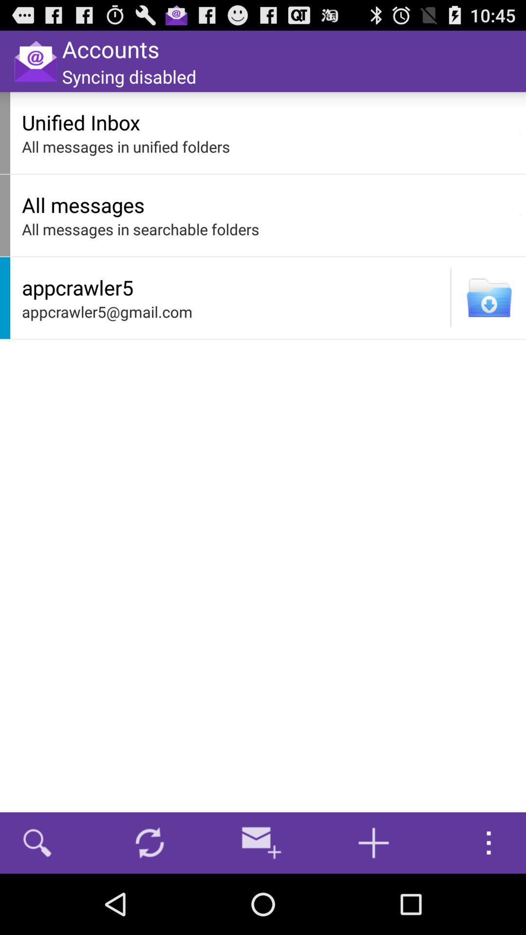 This screenshot has height=935, width=526. What do you see at coordinates (451, 297) in the screenshot?
I see `item to the right of appcrawler5 app` at bounding box center [451, 297].